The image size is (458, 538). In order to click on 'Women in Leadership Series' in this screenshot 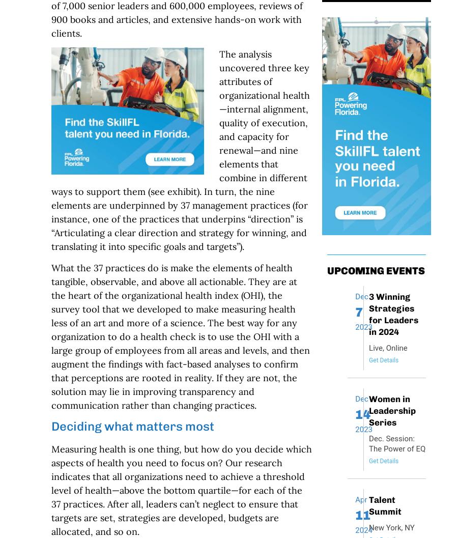, I will do `click(392, 411)`.